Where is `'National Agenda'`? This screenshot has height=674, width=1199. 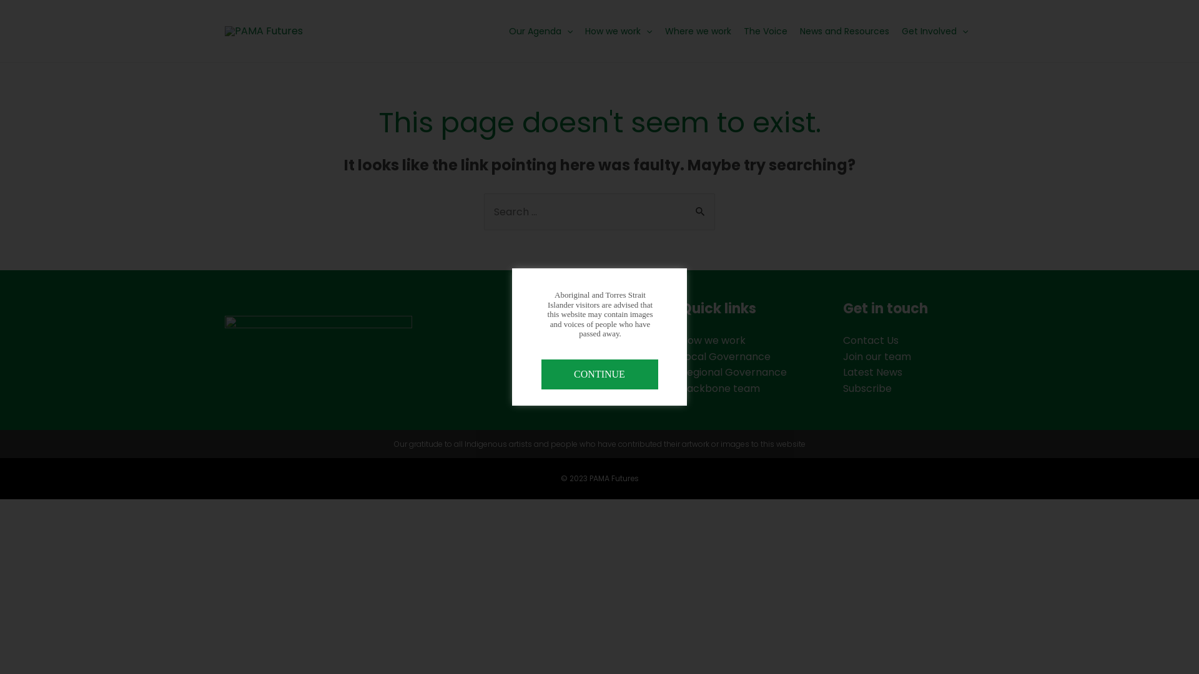
'National Agenda' is located at coordinates (558, 356).